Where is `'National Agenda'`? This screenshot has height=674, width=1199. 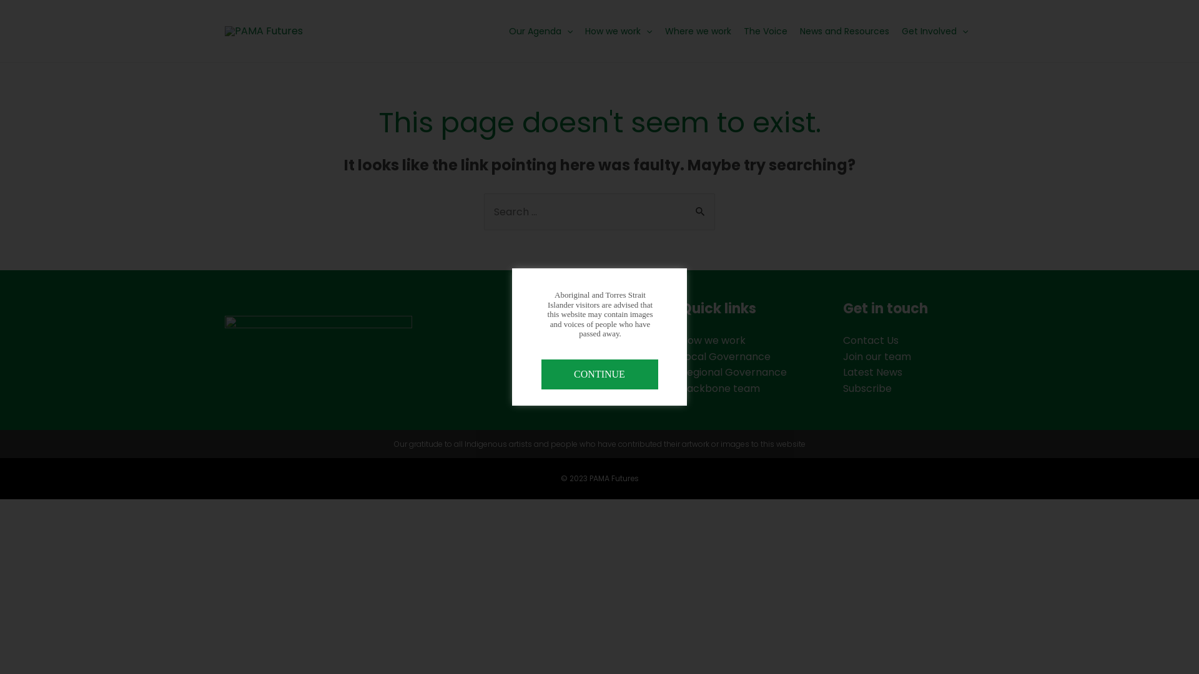
'National Agenda' is located at coordinates (558, 356).